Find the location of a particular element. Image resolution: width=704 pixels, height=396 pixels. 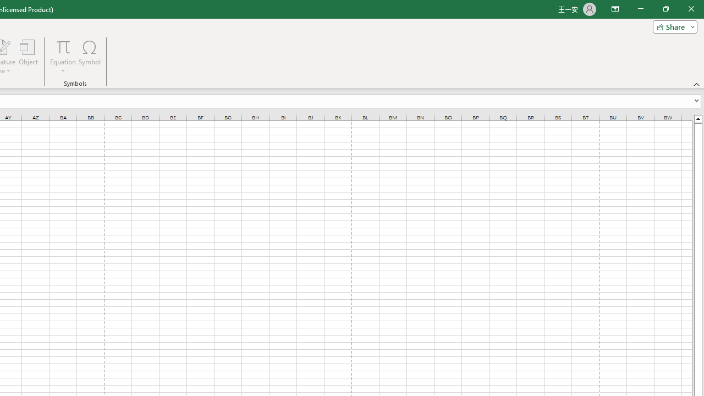

'Minimize' is located at coordinates (640, 9).